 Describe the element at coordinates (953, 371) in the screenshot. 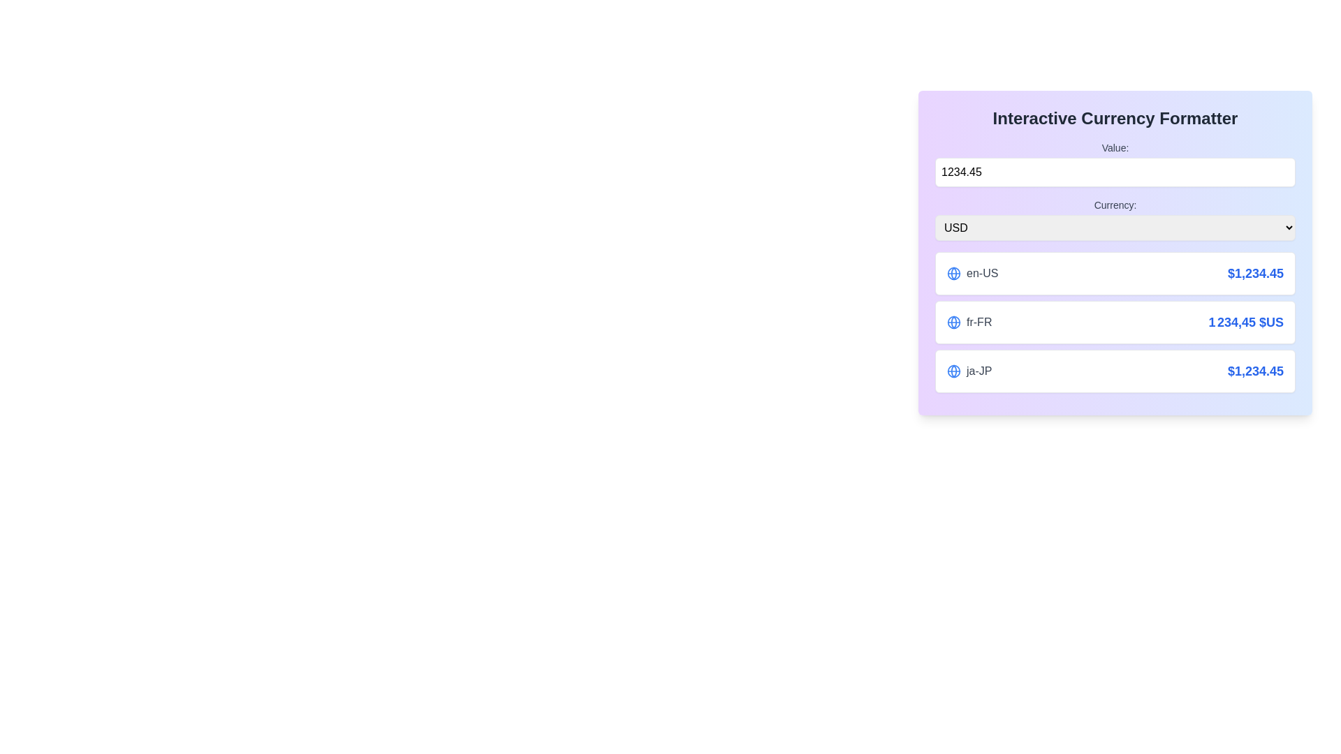

I see `the globe icon located to the left of the 'ja-JP' text in the third list item of the language-region options` at that location.